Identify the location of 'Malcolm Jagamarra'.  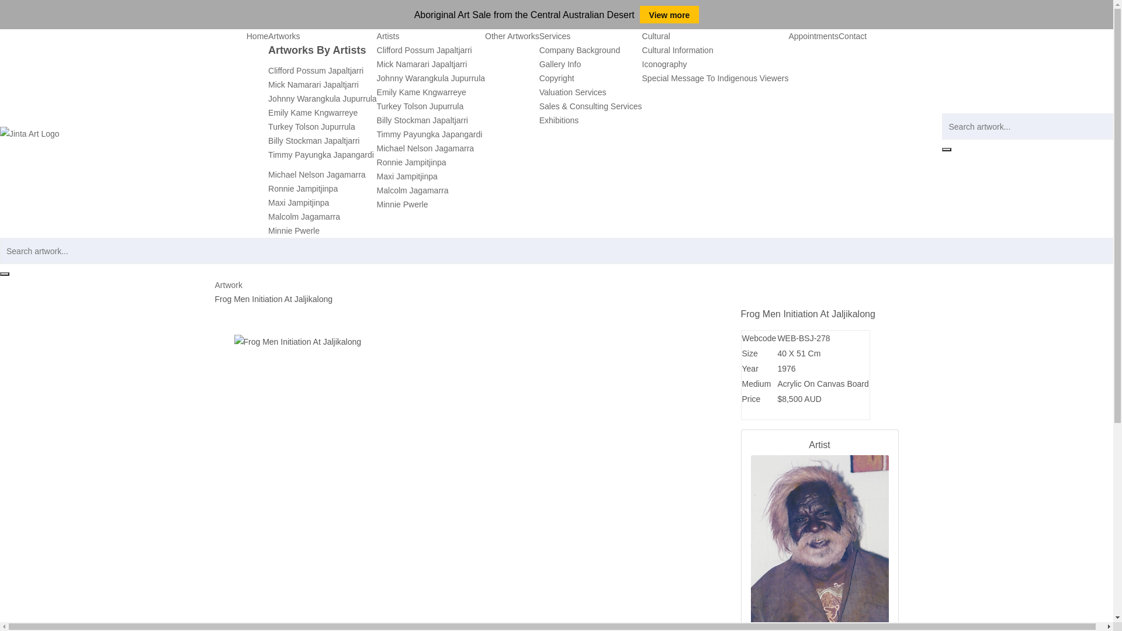
(413, 190).